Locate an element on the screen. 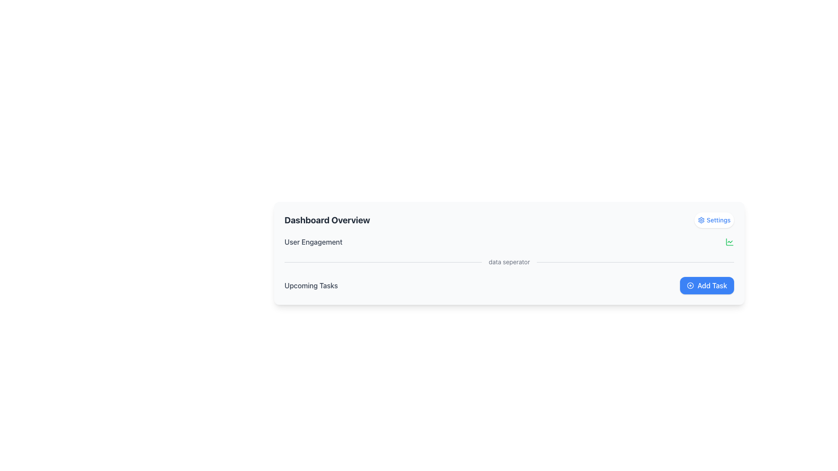 The width and height of the screenshot is (838, 471). the static text element that reads 'Dashboard Overview', styled in a bold, large font in dark gray, located at the top left of the header section is located at coordinates (326, 220).